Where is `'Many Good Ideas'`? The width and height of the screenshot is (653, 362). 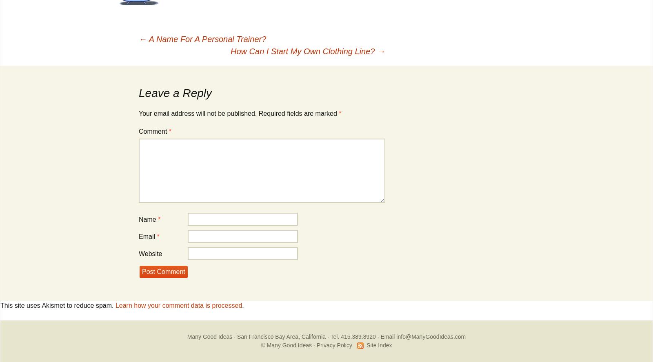 'Many Good Ideas' is located at coordinates (187, 337).